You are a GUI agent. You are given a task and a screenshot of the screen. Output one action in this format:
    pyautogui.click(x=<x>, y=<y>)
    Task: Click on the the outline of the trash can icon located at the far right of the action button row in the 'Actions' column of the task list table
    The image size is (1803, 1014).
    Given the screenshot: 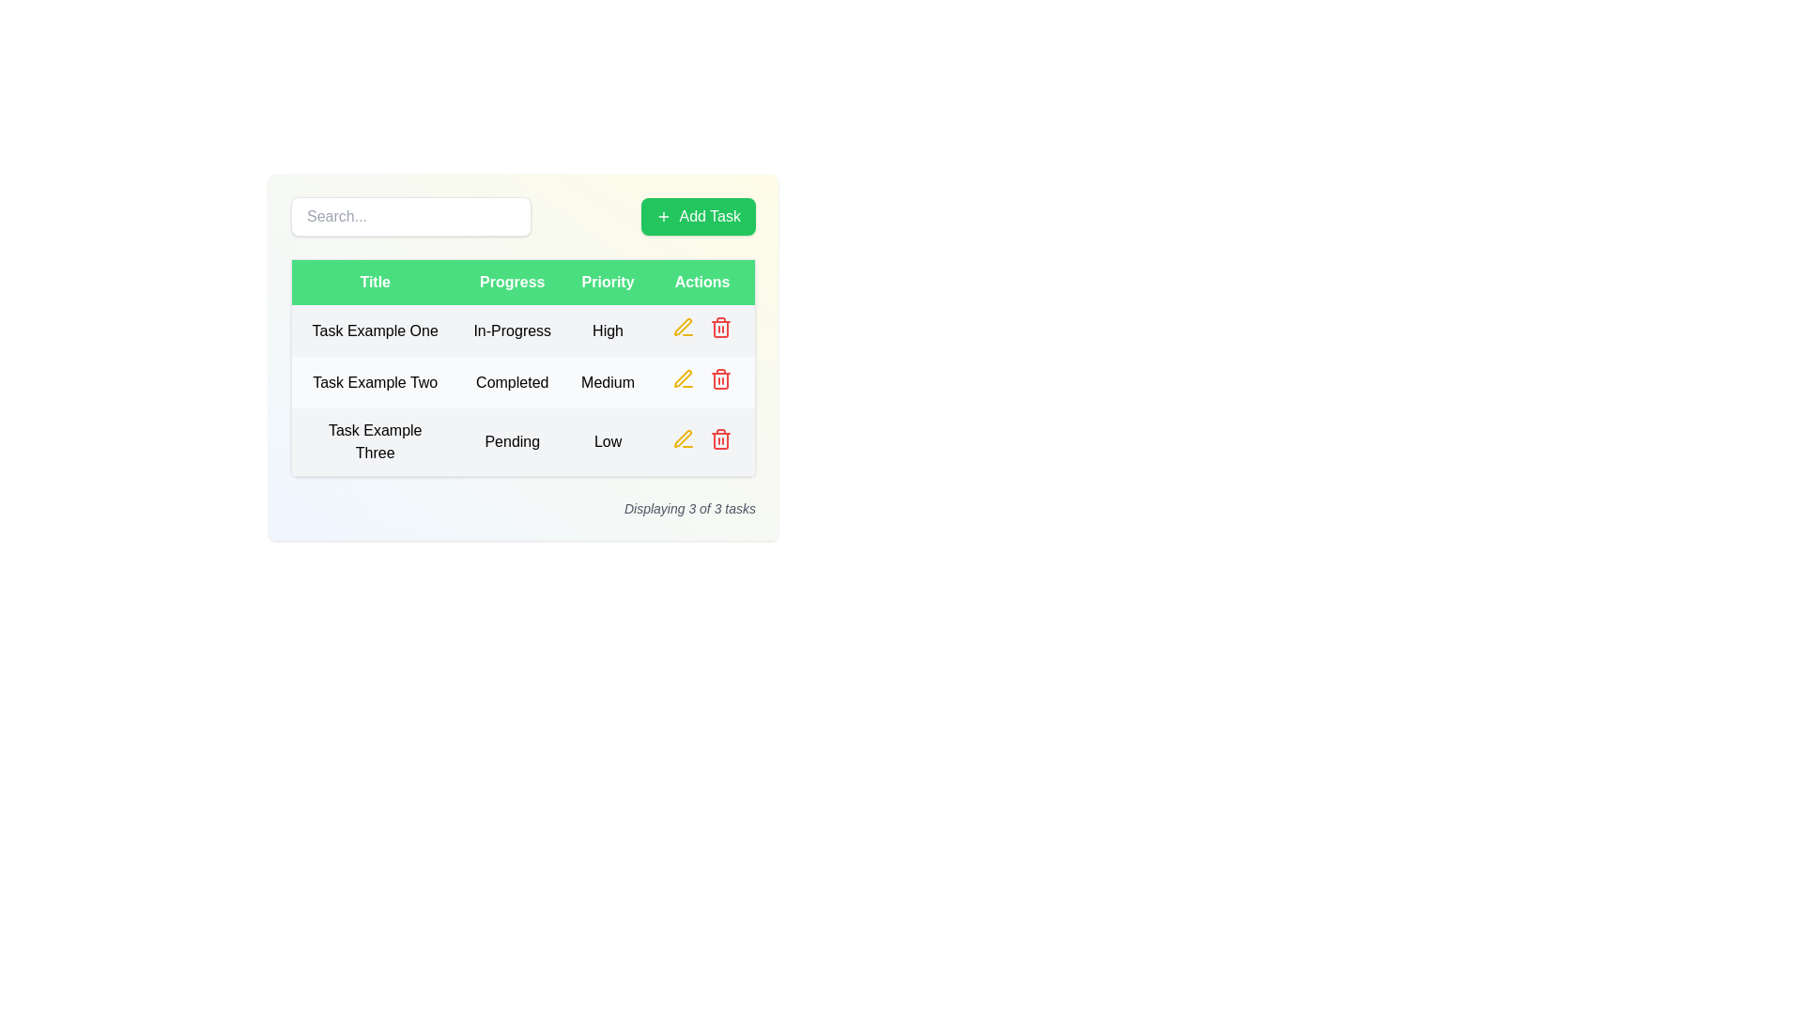 What is the action you would take?
    pyautogui.click(x=720, y=329)
    